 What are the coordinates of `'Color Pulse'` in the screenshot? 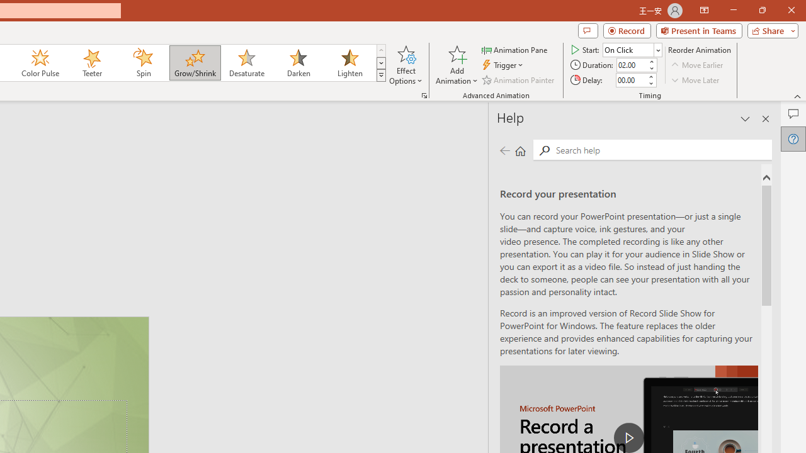 It's located at (40, 63).